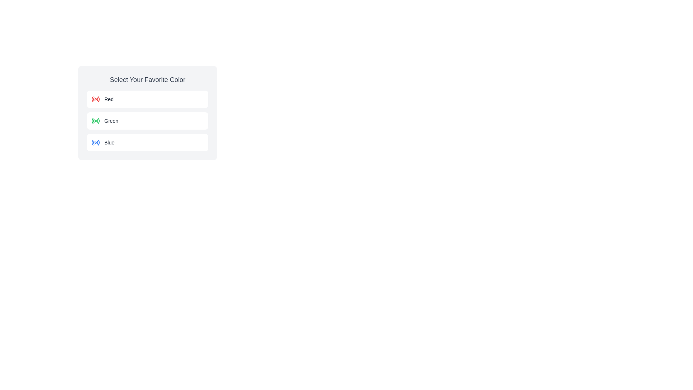  Describe the element at coordinates (111, 121) in the screenshot. I see `the second text label that identifies the associated color, situated between the labels for 'Red' and 'Blue', aligned with the green icon` at that location.